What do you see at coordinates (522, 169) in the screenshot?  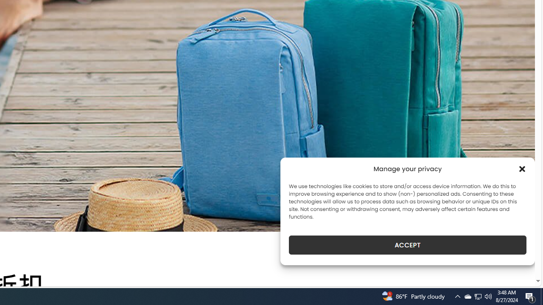 I see `'Class: cmplz-close'` at bounding box center [522, 169].